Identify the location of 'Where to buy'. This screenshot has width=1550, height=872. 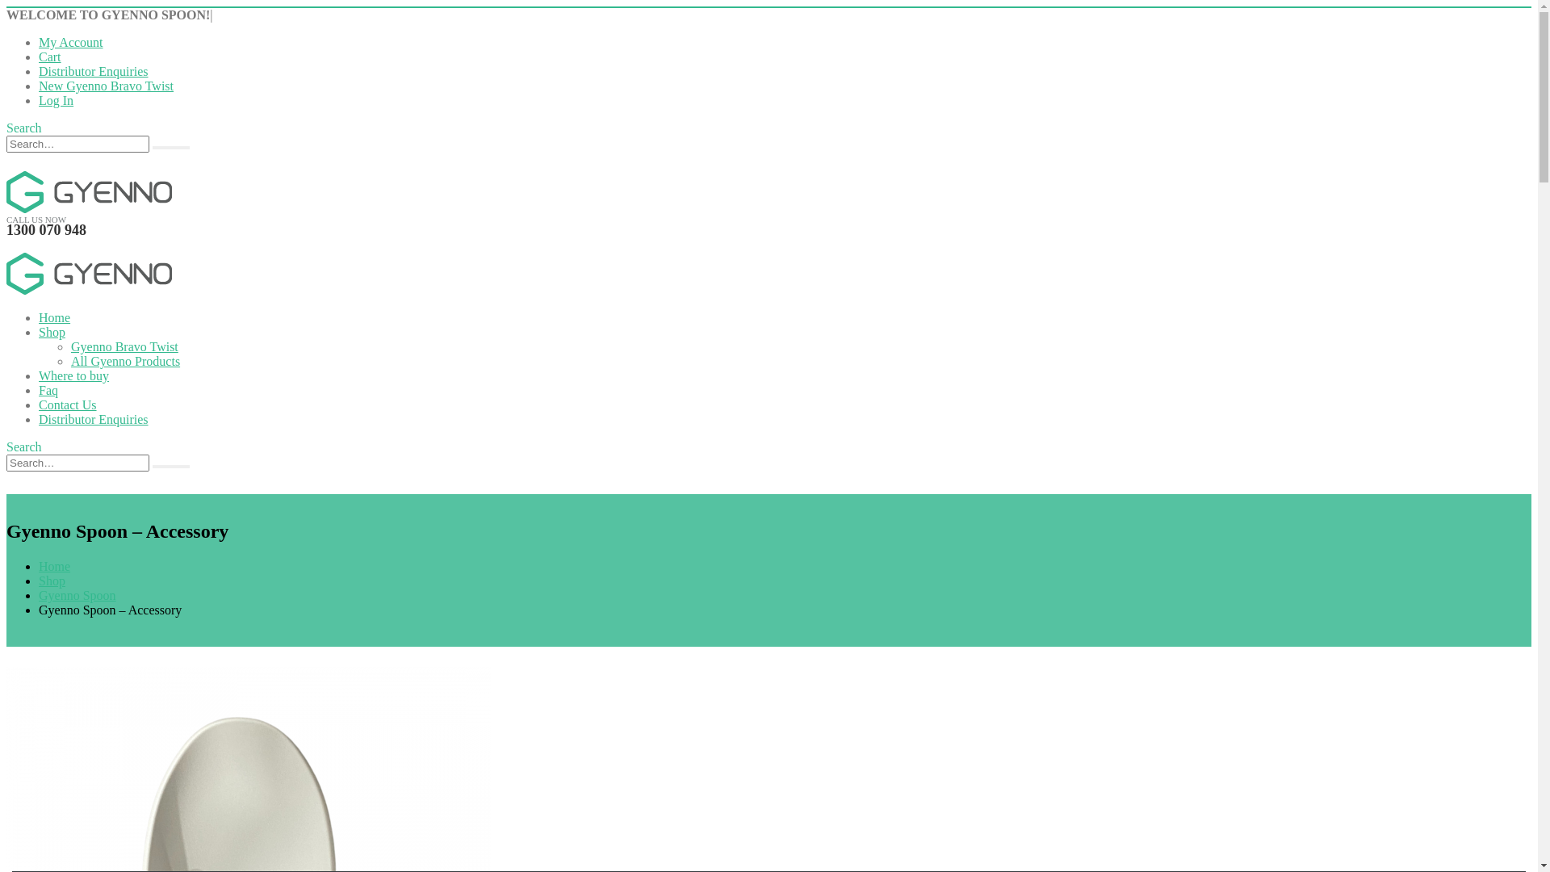
(73, 375).